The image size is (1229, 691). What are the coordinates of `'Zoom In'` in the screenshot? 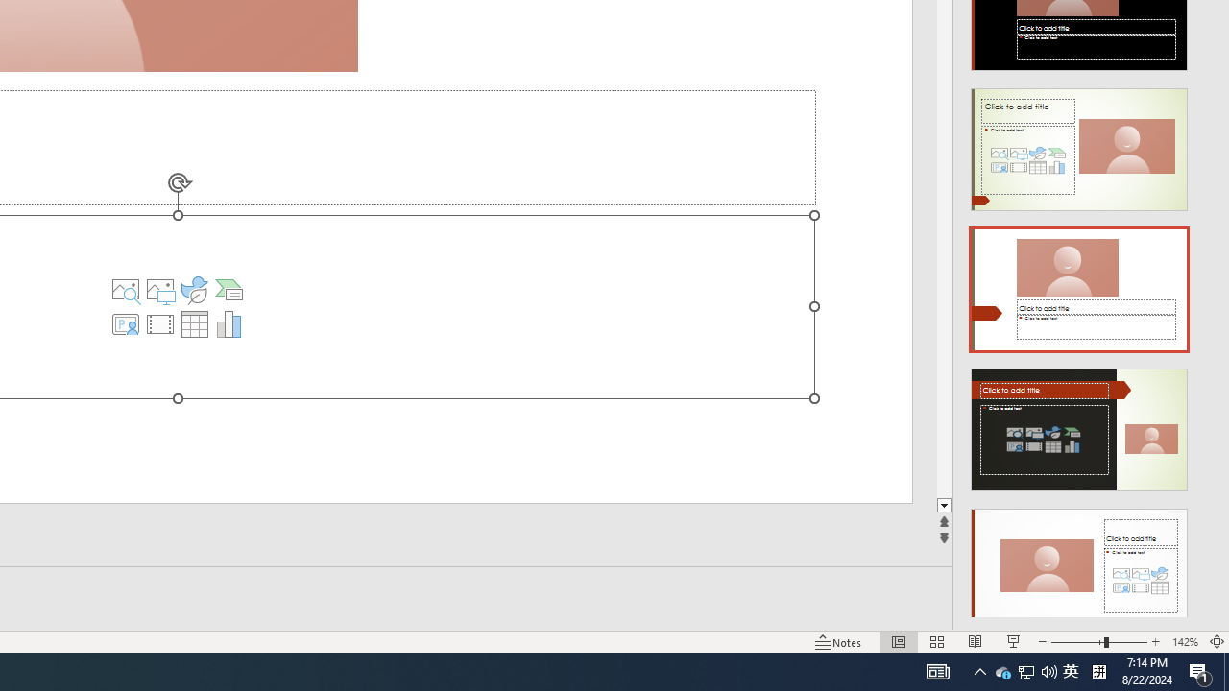 It's located at (1155, 642).